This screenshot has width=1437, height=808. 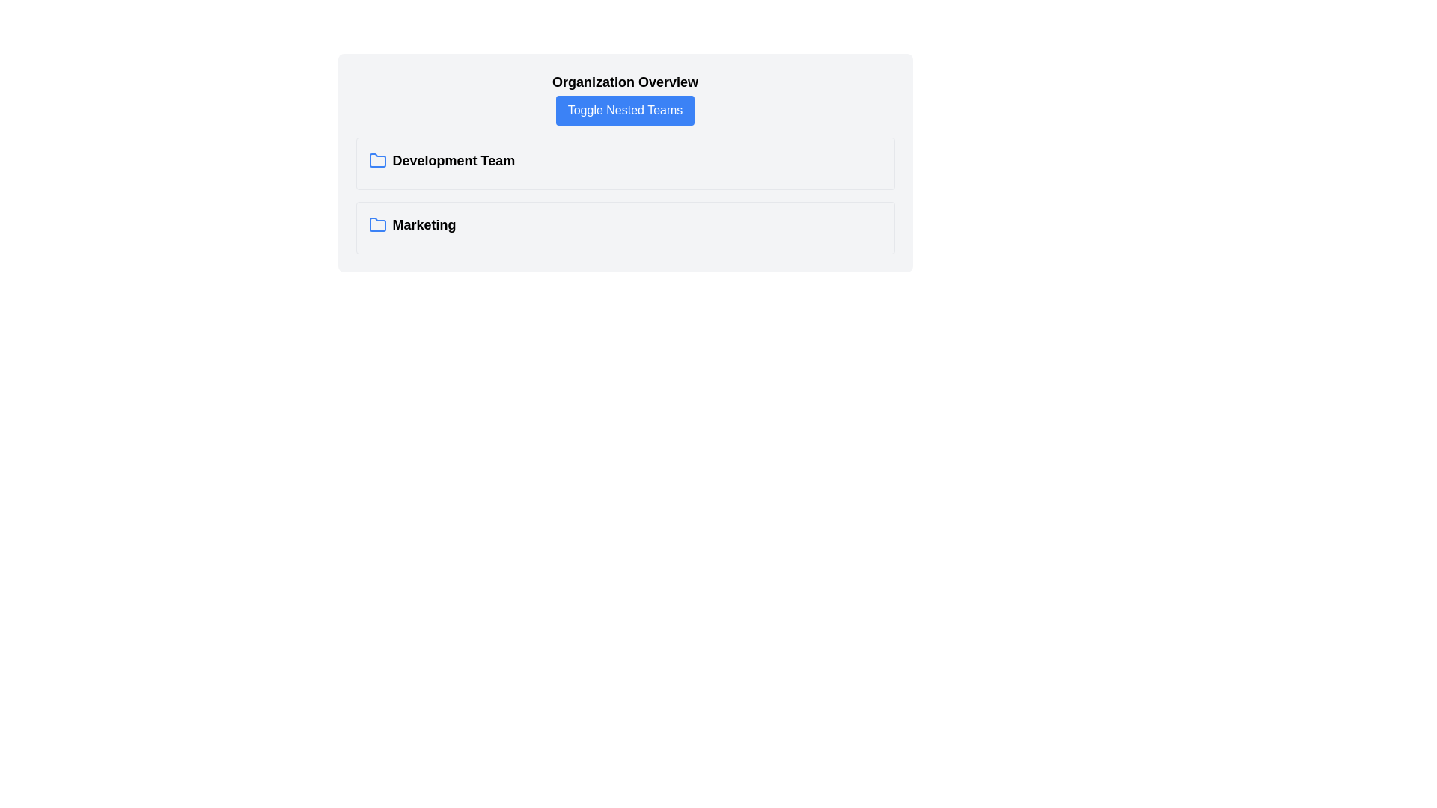 I want to click on the folder icon representing the 'Development Team' section, which is located to the left of the 'Development Team' text, so click(x=377, y=161).